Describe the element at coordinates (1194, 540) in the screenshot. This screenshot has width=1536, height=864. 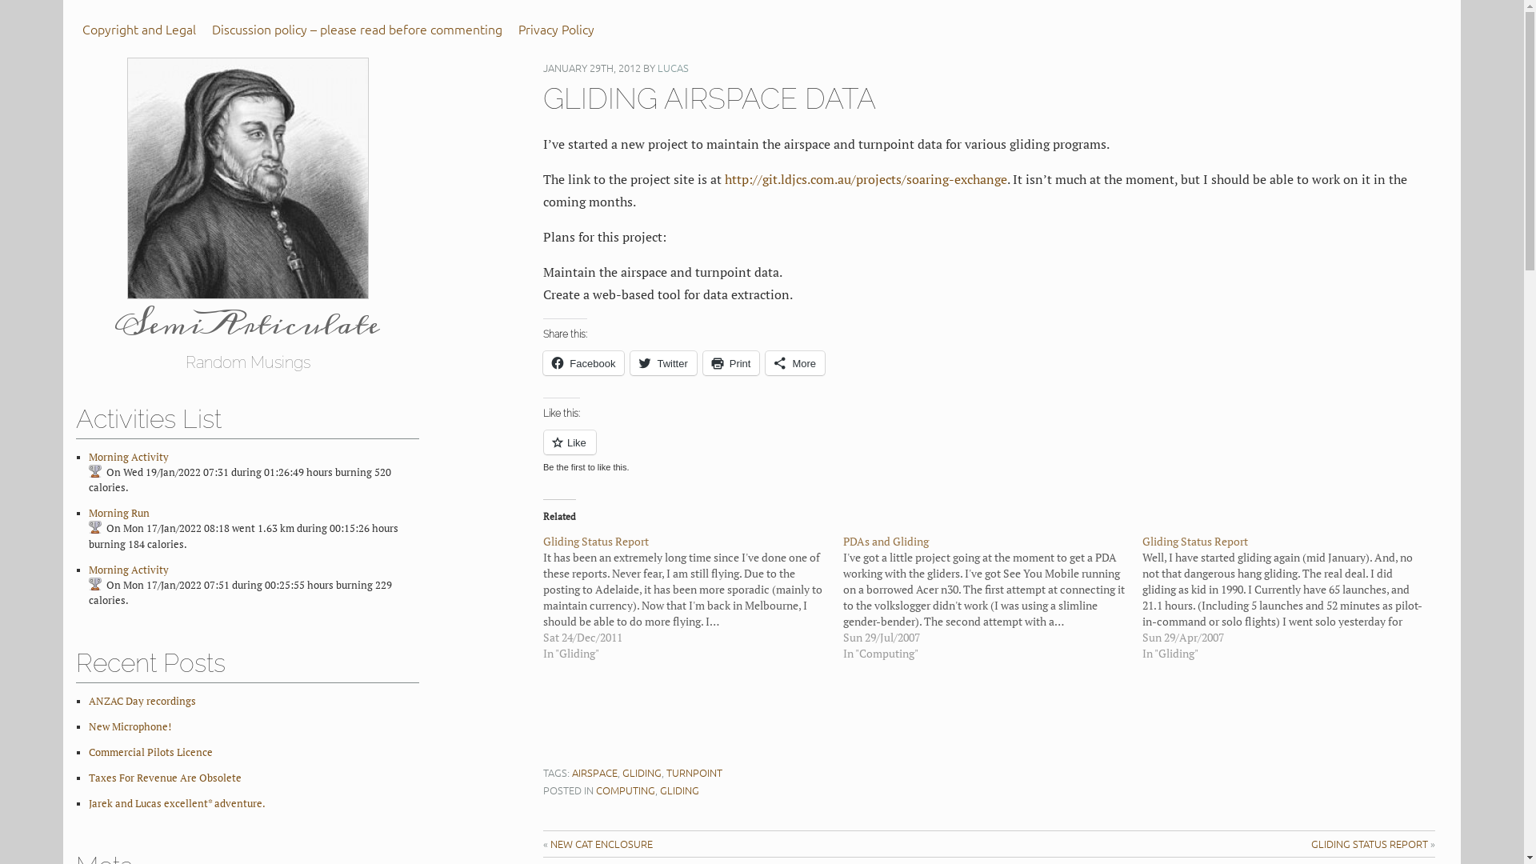
I see `'Gliding Status Report'` at that location.